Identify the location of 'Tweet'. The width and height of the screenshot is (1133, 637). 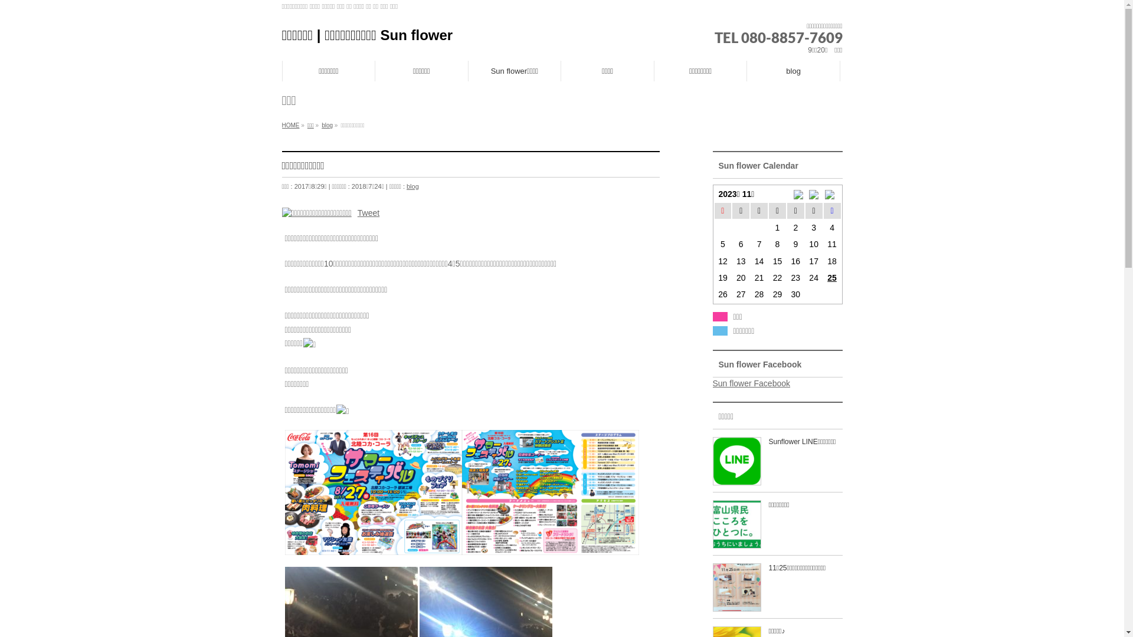
(368, 211).